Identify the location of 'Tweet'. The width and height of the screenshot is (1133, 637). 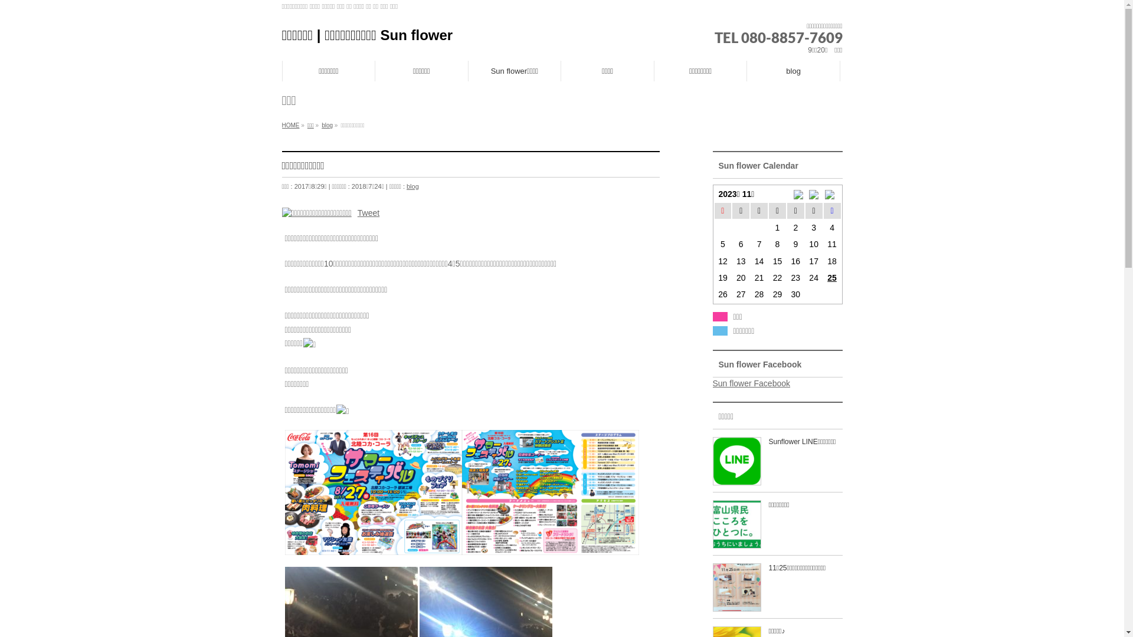
(368, 211).